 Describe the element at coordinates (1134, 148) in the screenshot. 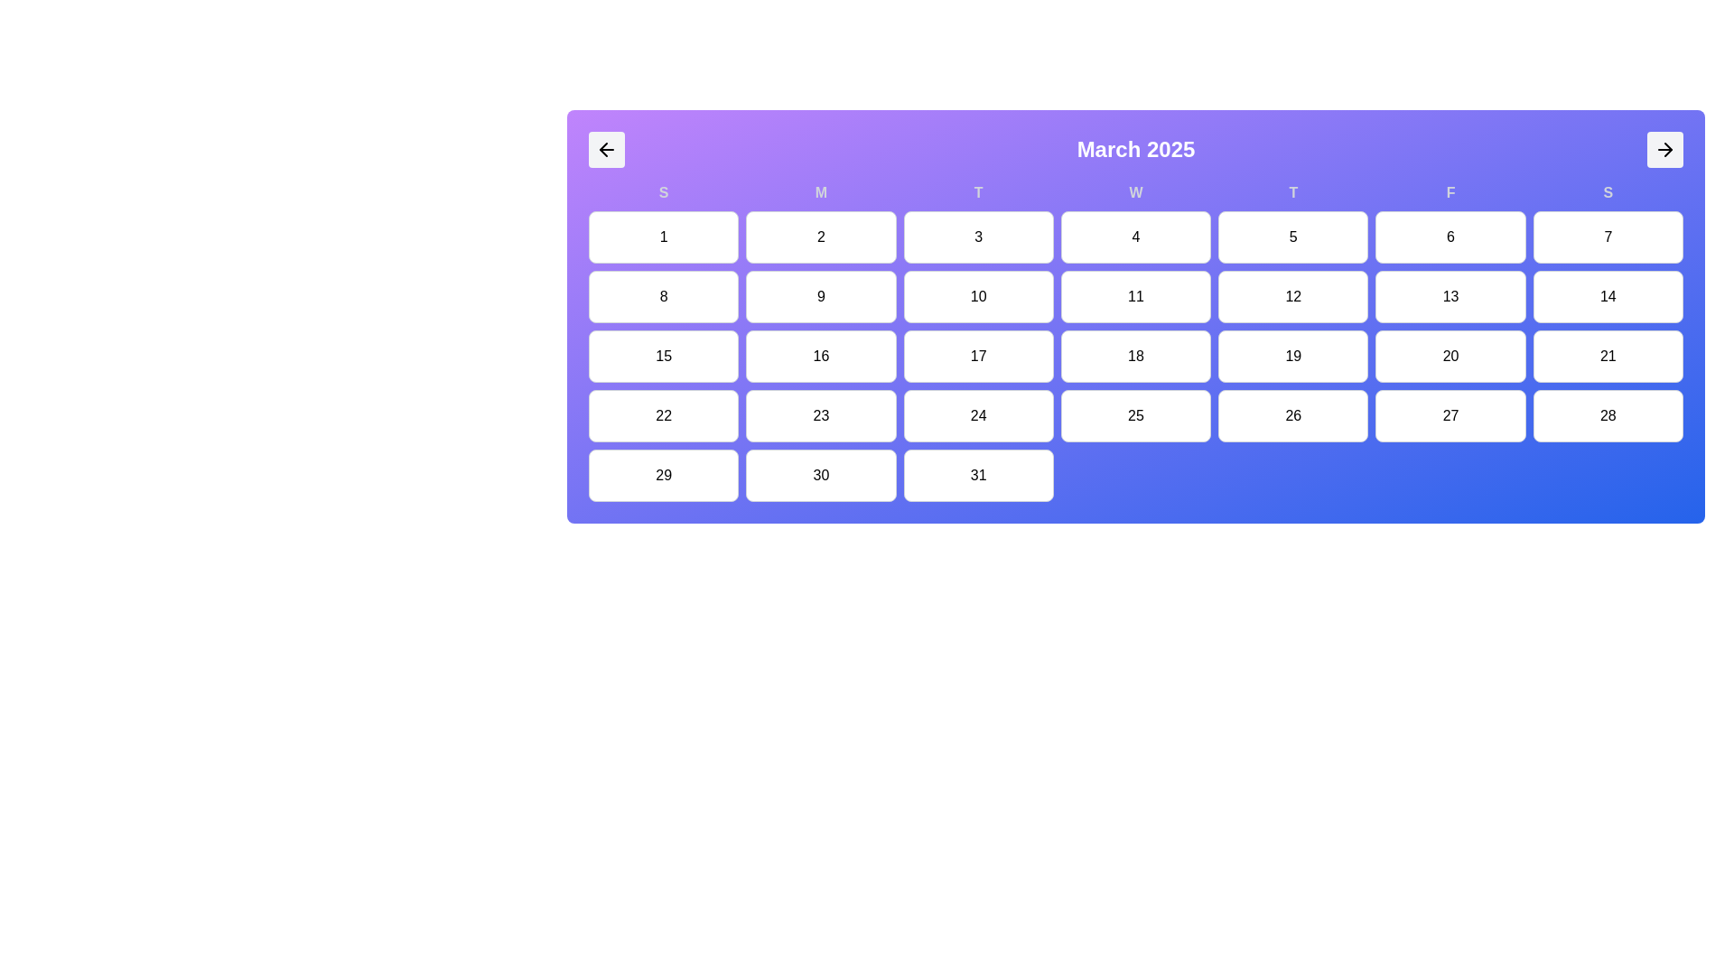

I see `the Text label indicating the currently selected month and year in the header section of the calendar component` at that location.